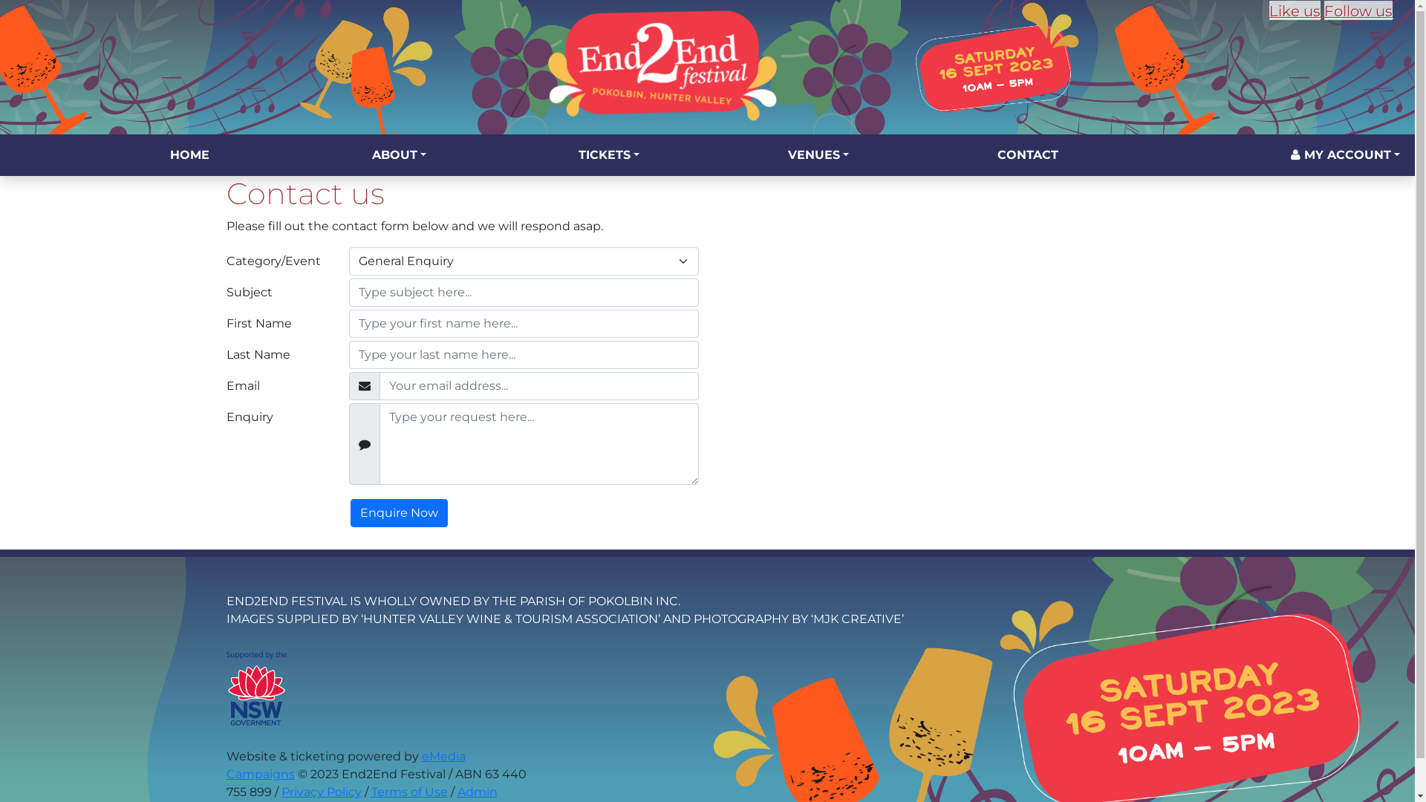 The height and width of the screenshot is (802, 1426). I want to click on 'VENUES', so click(818, 154).